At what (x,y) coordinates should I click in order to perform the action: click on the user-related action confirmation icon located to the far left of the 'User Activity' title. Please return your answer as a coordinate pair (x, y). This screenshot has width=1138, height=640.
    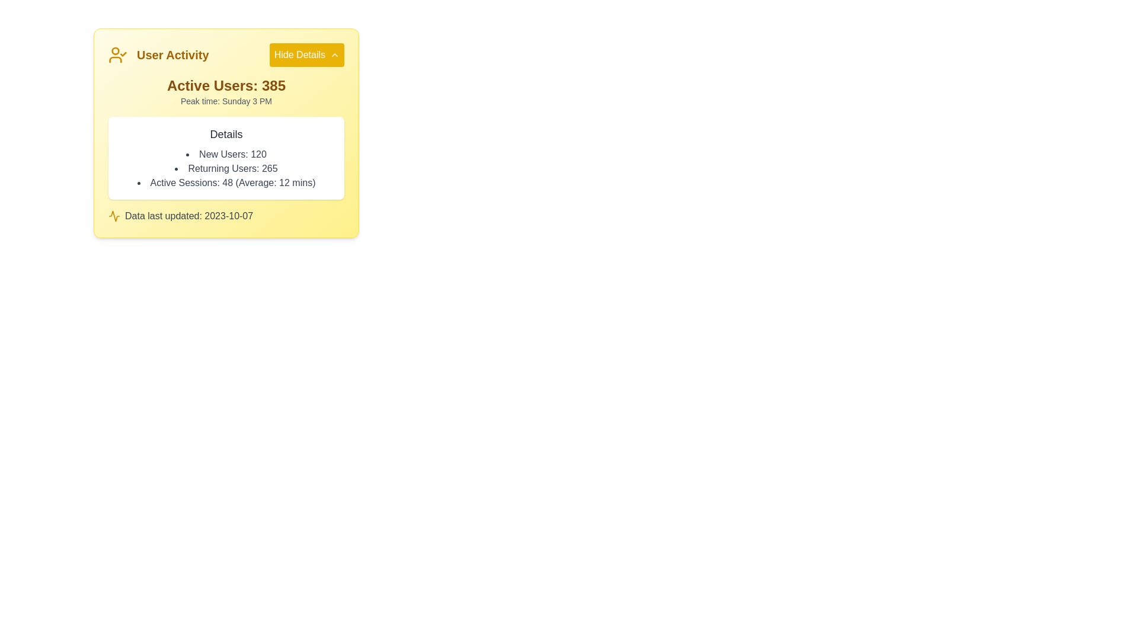
    Looking at the image, I should click on (117, 55).